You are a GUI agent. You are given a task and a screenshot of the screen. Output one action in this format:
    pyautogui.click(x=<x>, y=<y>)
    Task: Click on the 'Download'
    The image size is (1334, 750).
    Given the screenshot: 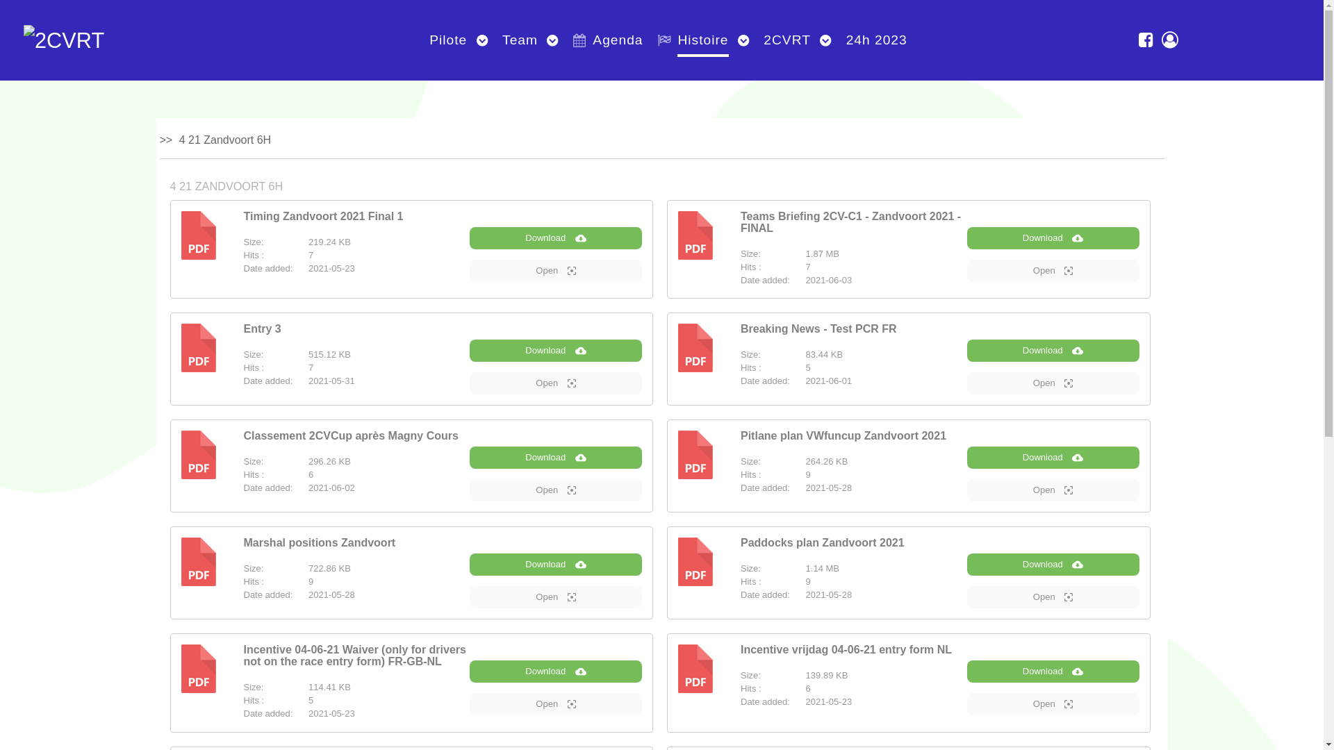 What is the action you would take?
    pyautogui.click(x=1053, y=237)
    